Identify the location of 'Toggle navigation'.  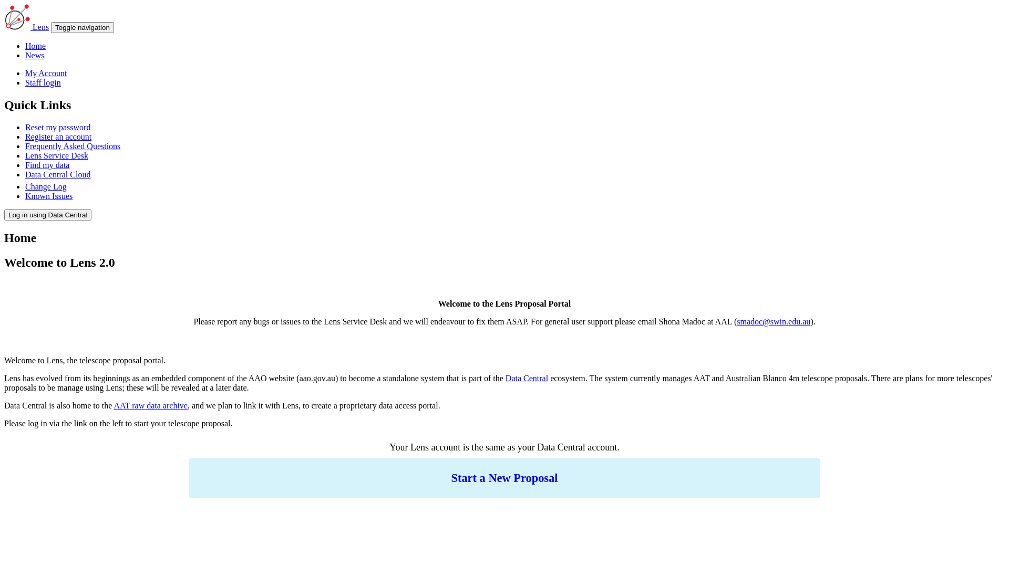
(50, 27).